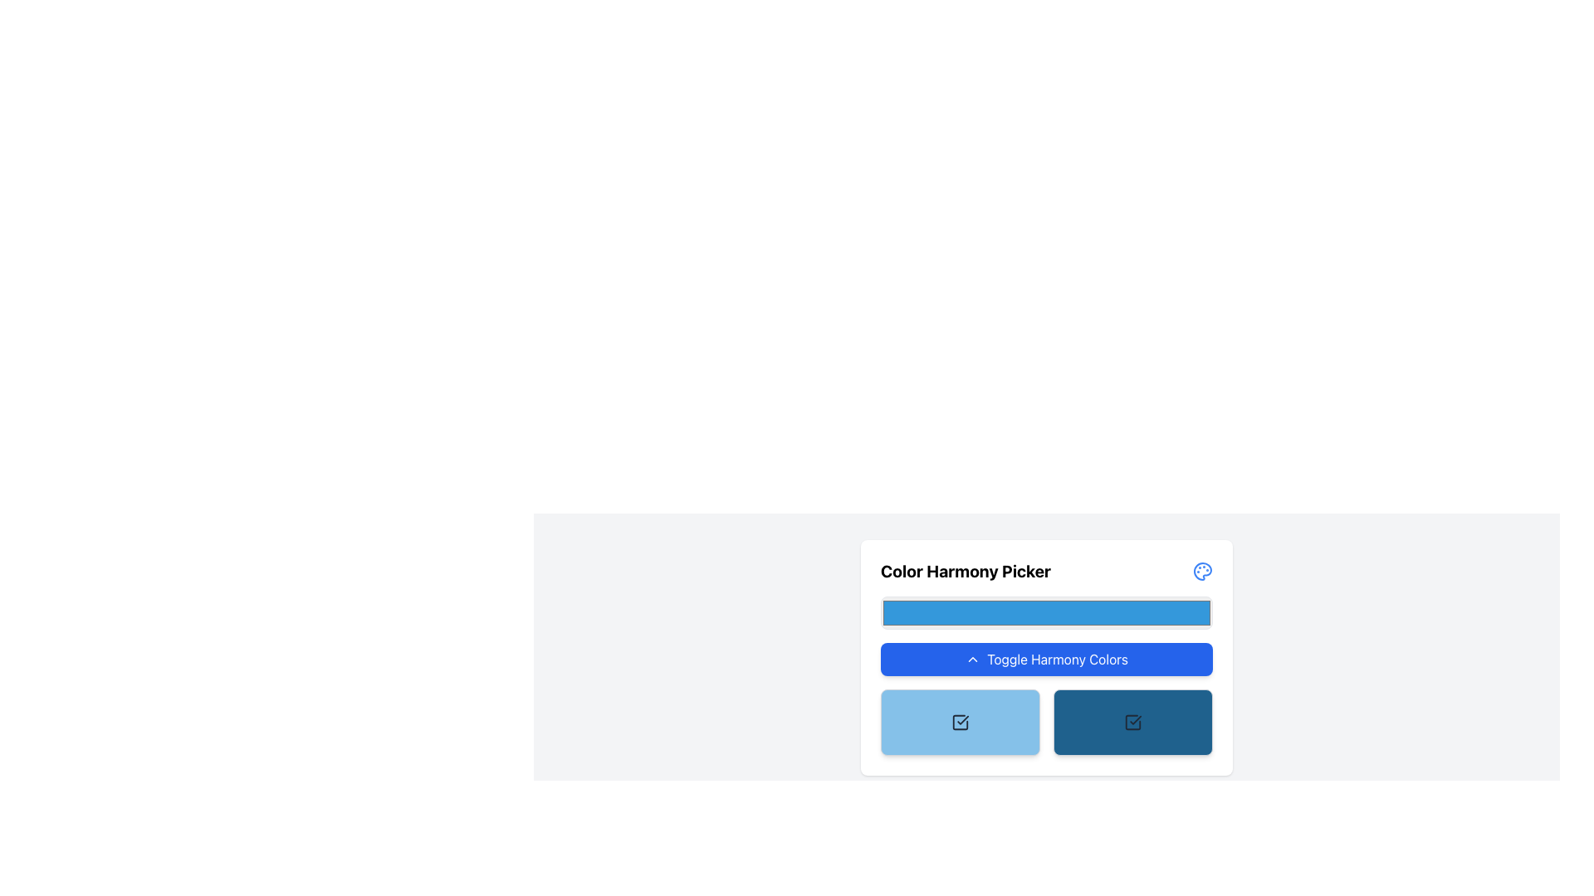 The width and height of the screenshot is (1594, 896). I want to click on the 'Toggle Harmony Colors' button, which is a rectangular button with a blue background and white text, located in the 'Color Harmony Picker' box, so click(1046, 658).